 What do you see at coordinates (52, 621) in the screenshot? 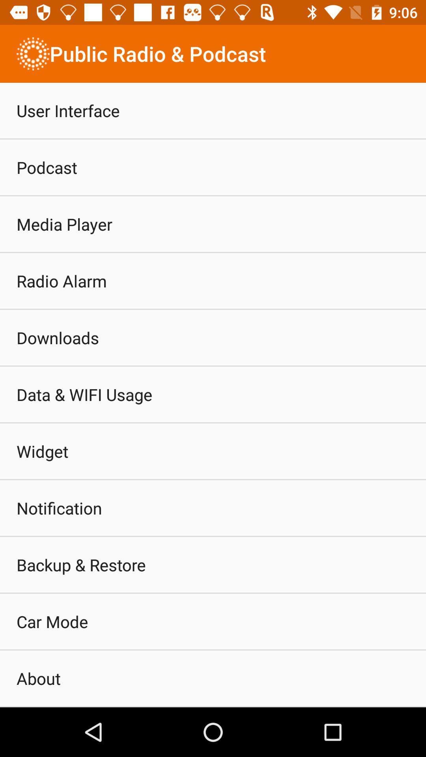
I see `the icon above about item` at bounding box center [52, 621].